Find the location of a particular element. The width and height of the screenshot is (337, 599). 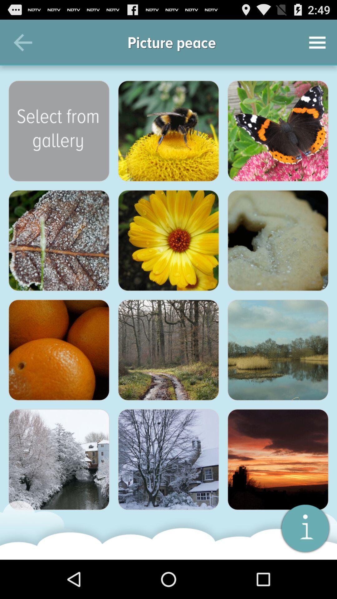

choosing picture is located at coordinates (168, 240).